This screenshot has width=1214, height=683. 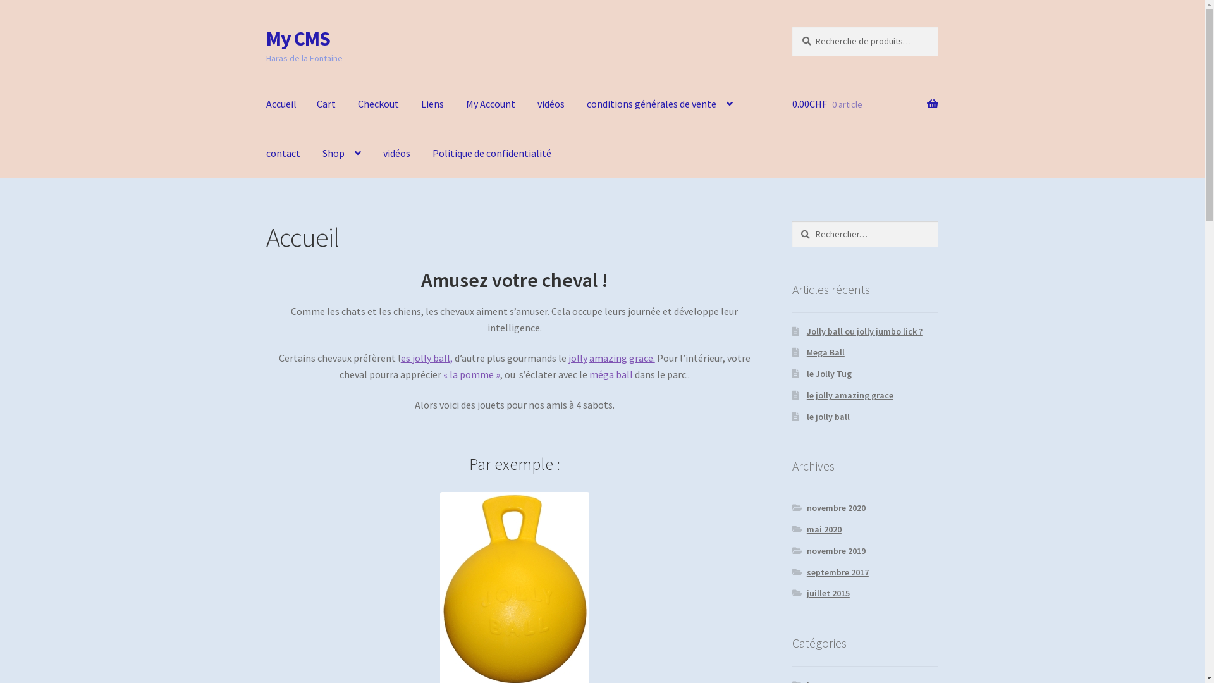 I want to click on 'My CMS', so click(x=297, y=38).